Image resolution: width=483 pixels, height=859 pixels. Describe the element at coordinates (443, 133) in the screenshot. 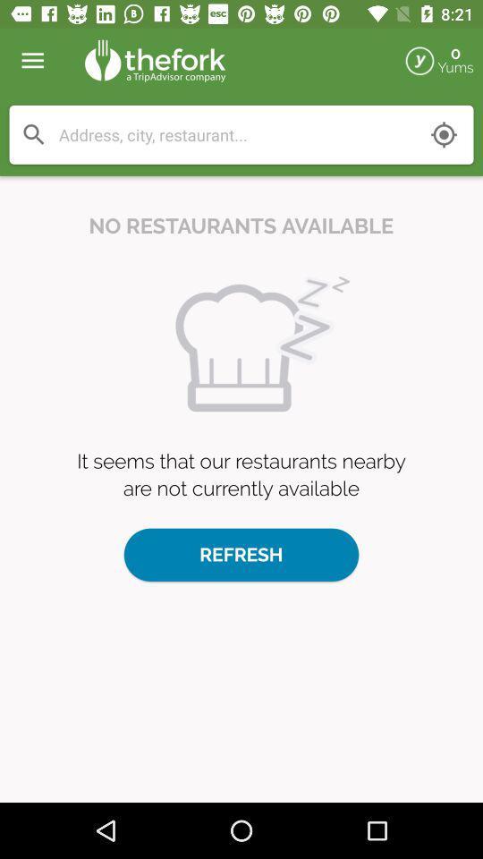

I see `search nearby` at that location.